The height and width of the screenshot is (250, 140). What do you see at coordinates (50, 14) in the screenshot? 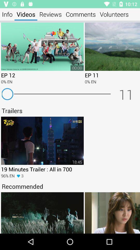
I see `item to the right of videos icon` at bounding box center [50, 14].